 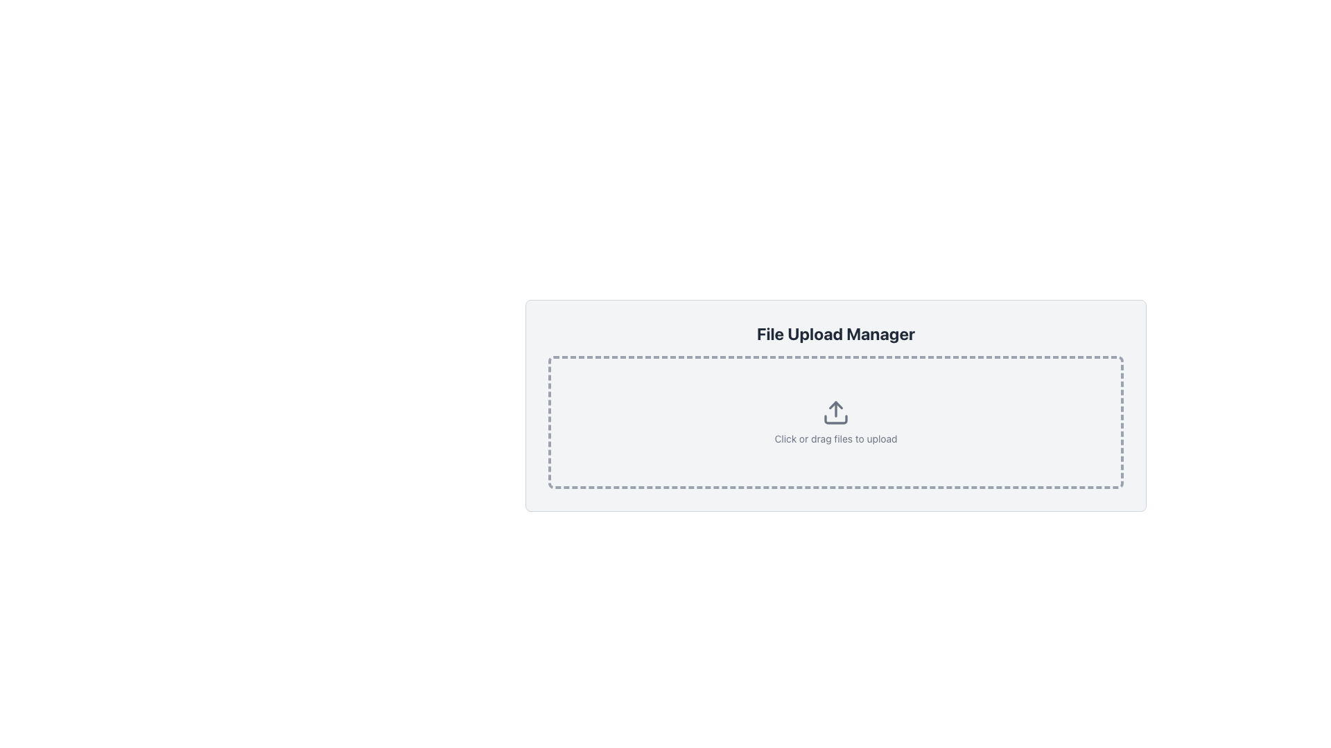 I want to click on the Interactive file upload area within the 'File Upload Manager', so click(x=835, y=421).